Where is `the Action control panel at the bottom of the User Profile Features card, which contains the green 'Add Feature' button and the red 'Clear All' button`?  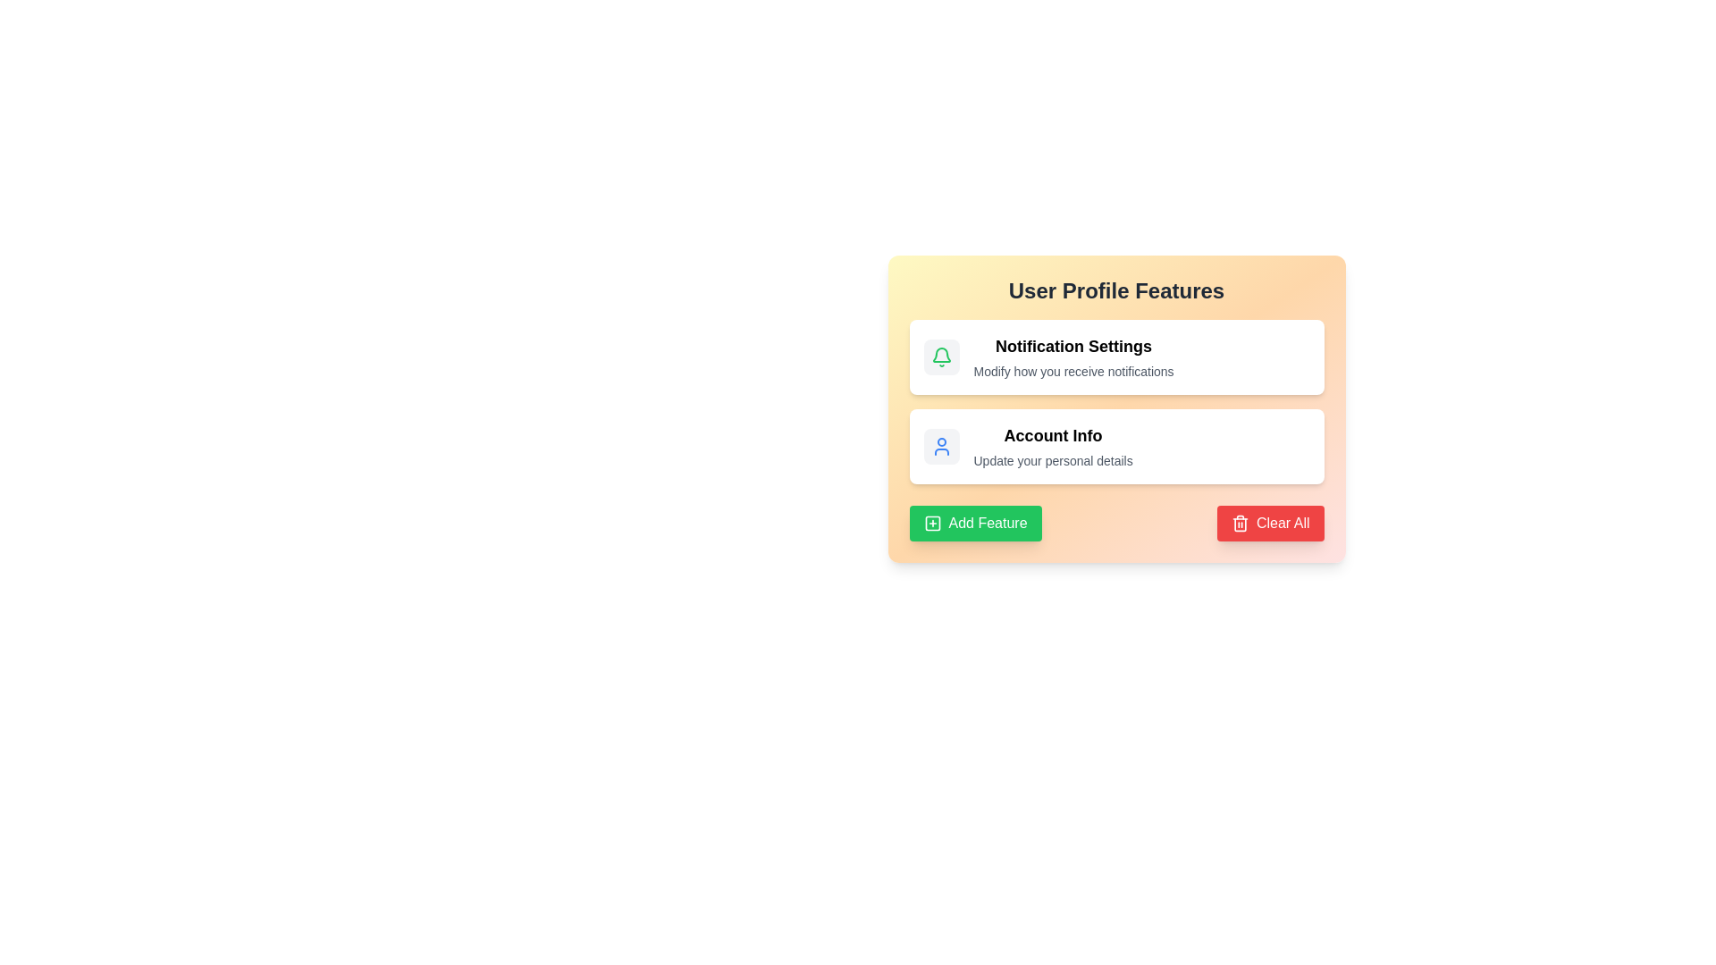 the Action control panel at the bottom of the User Profile Features card, which contains the green 'Add Feature' button and the red 'Clear All' button is located at coordinates (1115, 523).